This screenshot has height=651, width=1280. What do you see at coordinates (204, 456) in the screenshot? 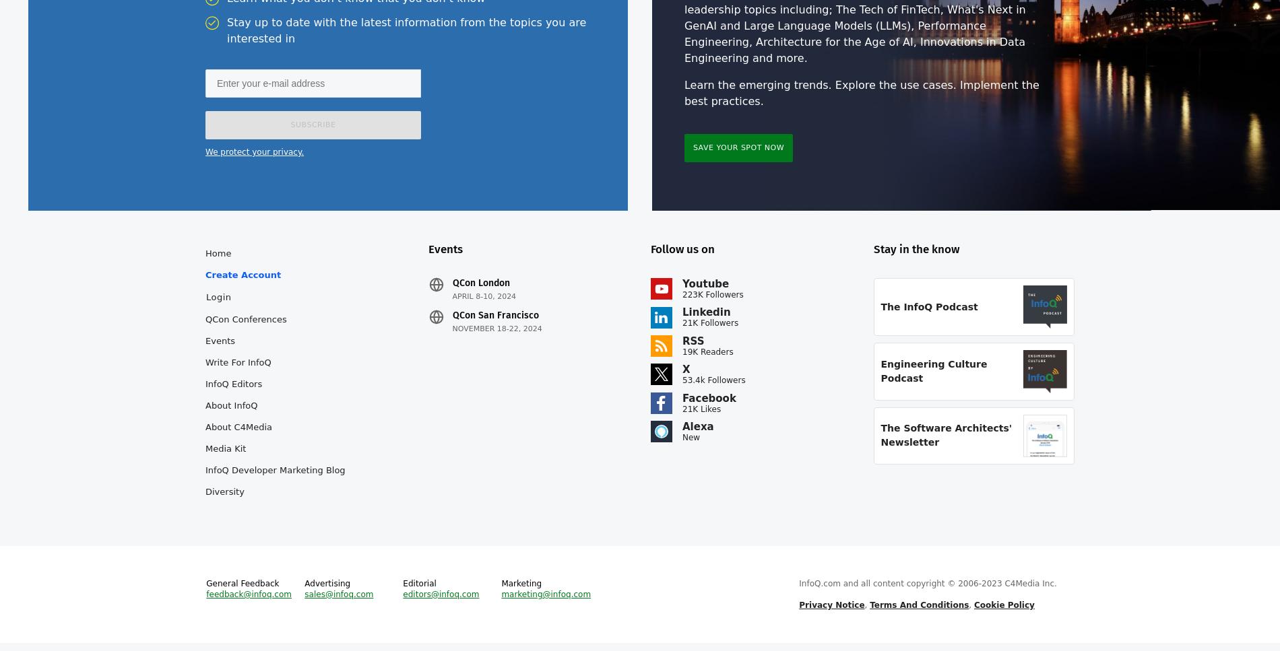
I see `'Media Kit'` at bounding box center [204, 456].